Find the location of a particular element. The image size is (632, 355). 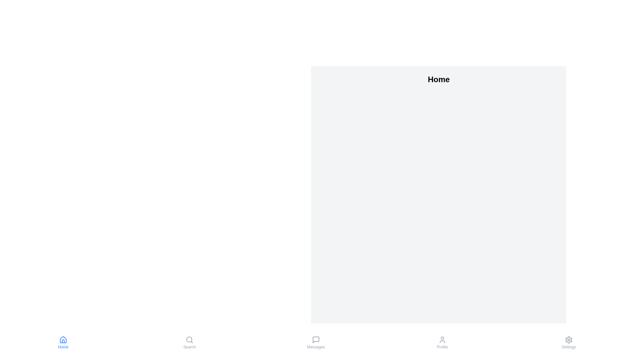

the minimalist magnifying glass icon in the bottom navigation bar is located at coordinates (189, 340).